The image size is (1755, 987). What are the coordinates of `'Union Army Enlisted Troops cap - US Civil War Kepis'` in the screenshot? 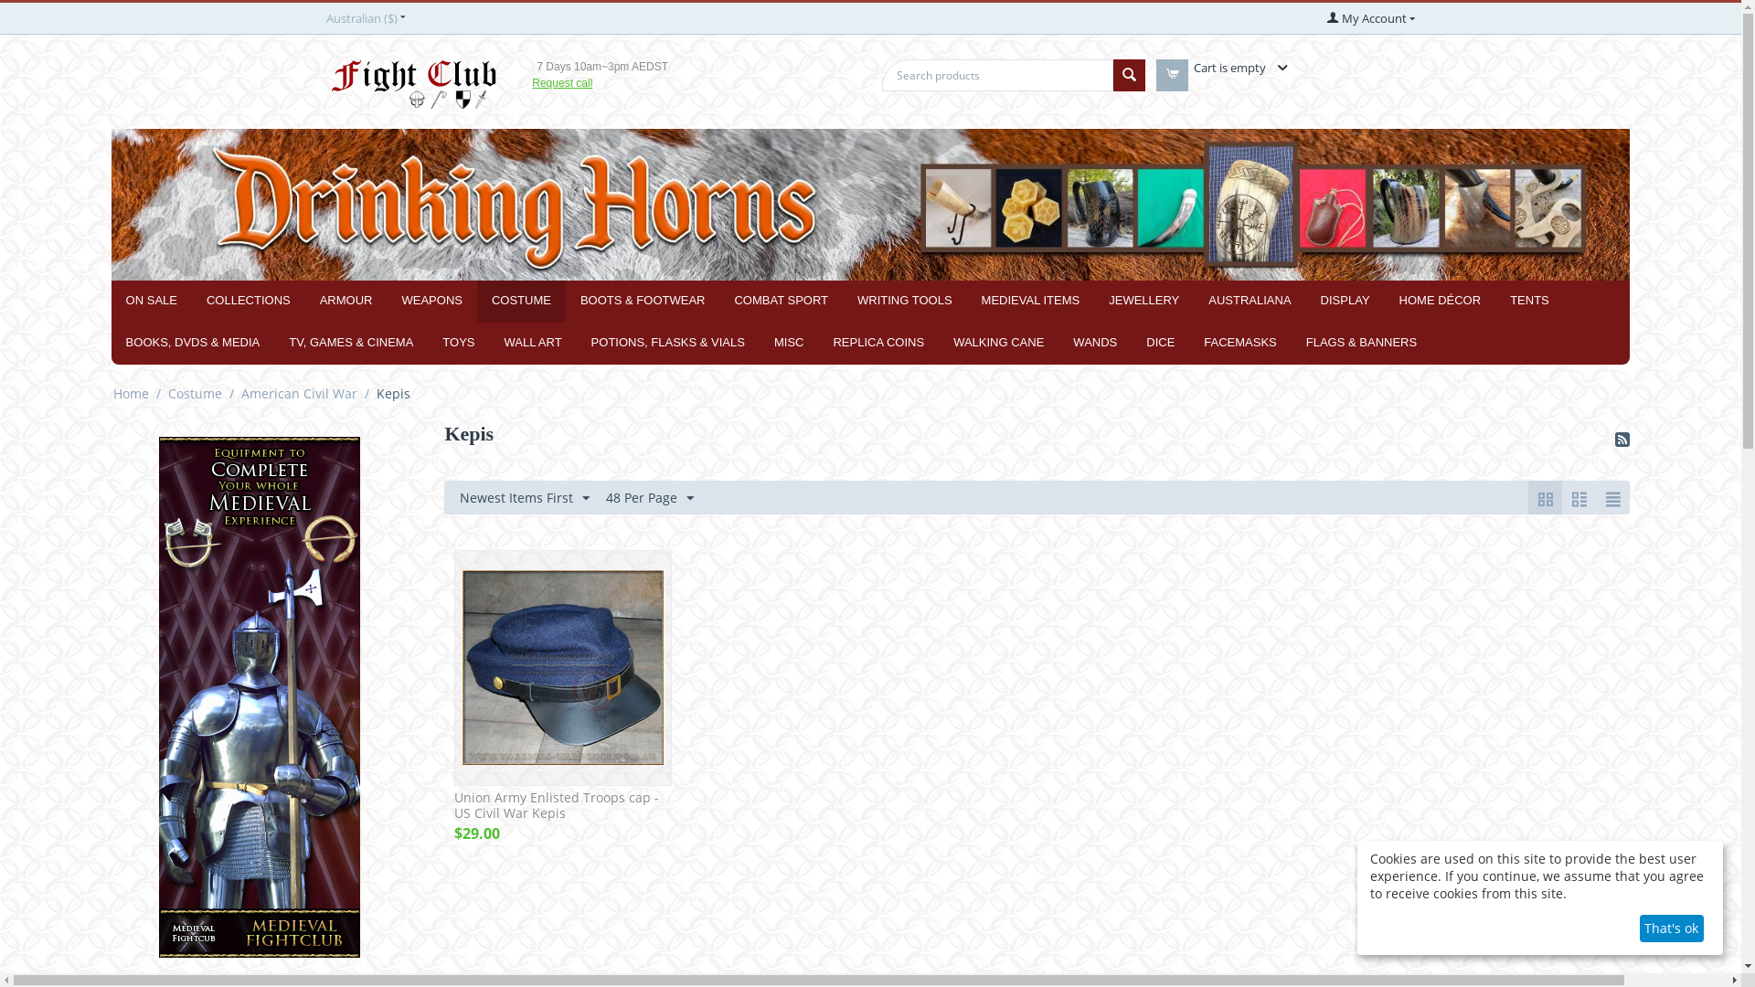 It's located at (454, 805).